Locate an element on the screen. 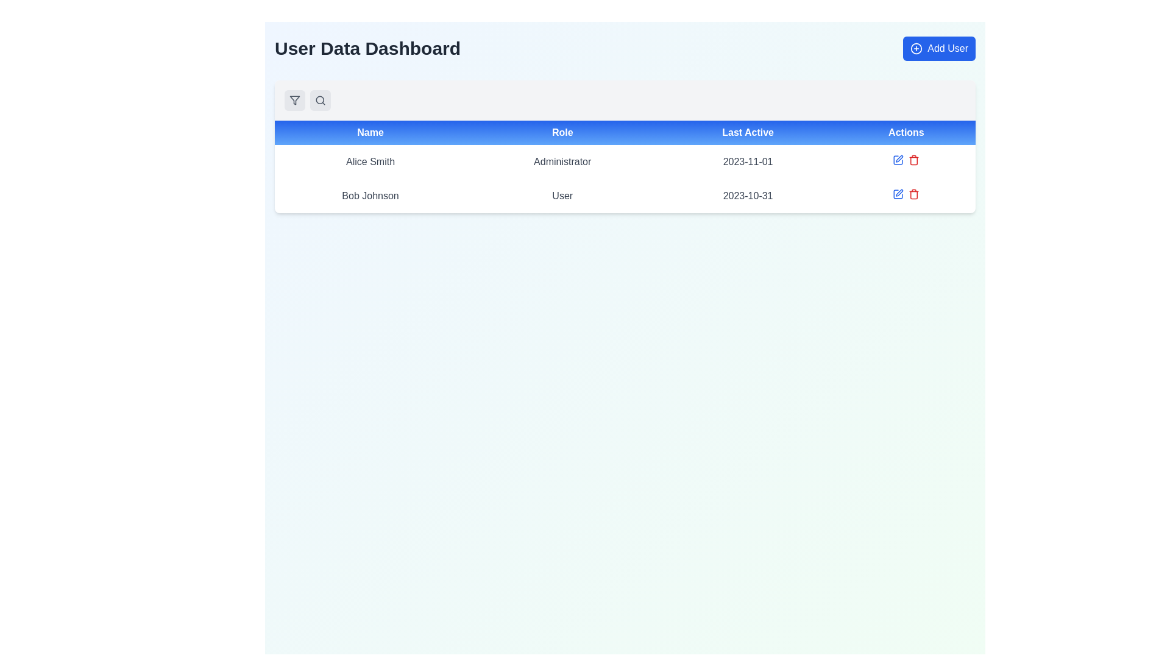 The image size is (1170, 658). the first Icon Button in the 'Actions' column of the second row of the user table is located at coordinates (898, 159).